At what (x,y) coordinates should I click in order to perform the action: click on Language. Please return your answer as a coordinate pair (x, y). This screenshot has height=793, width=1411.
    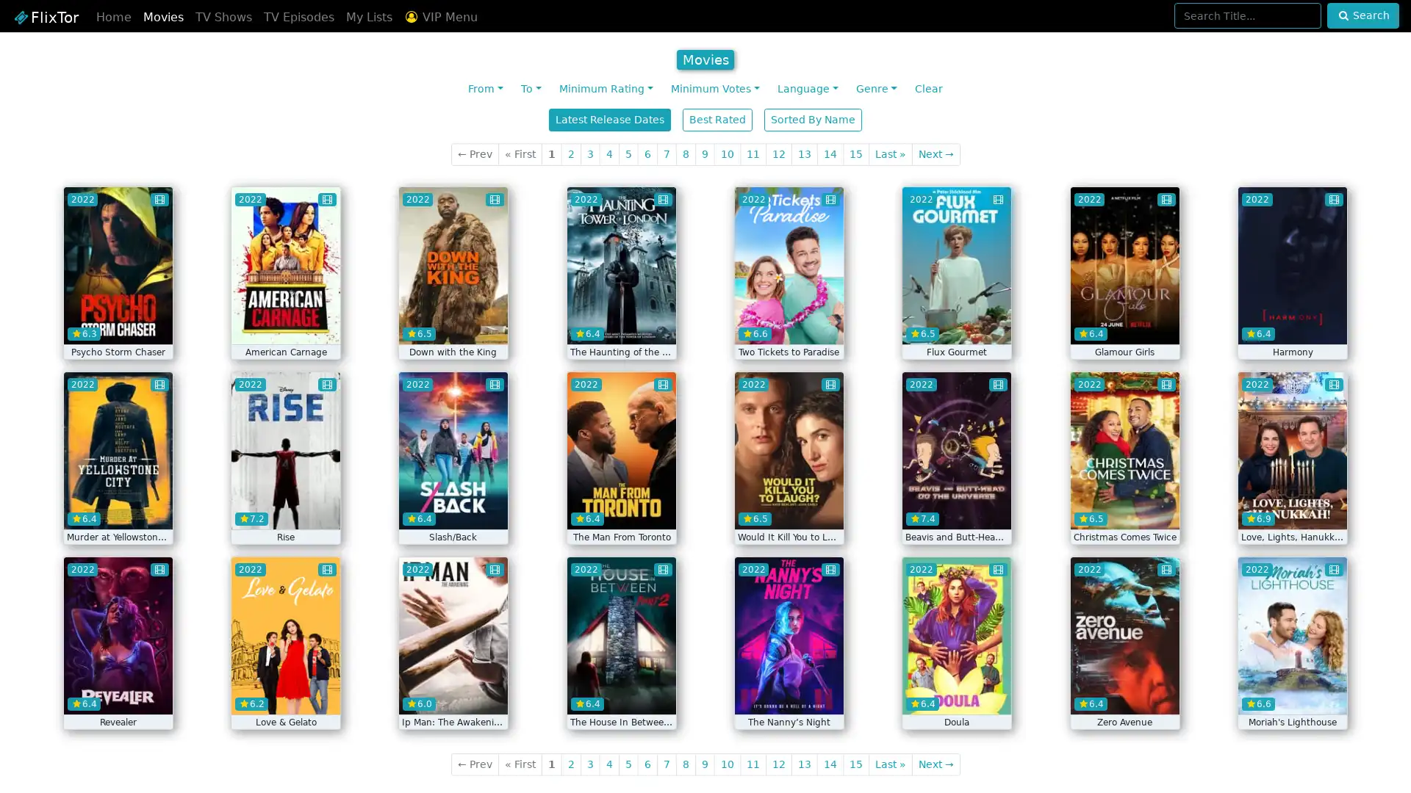
    Looking at the image, I should click on (806, 89).